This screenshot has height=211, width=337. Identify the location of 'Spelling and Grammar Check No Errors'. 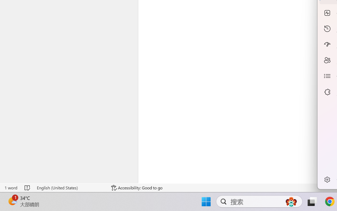
(27, 188).